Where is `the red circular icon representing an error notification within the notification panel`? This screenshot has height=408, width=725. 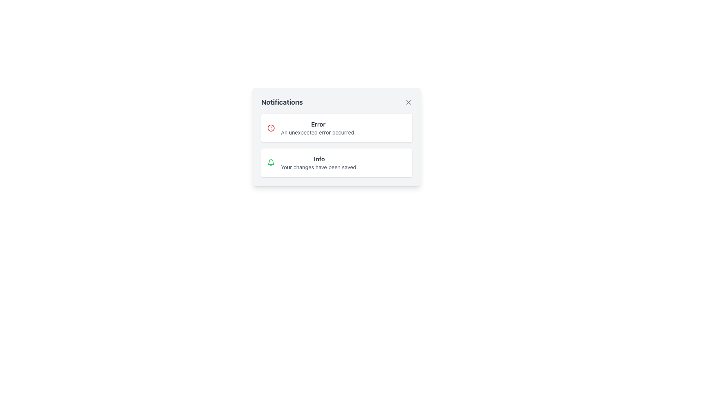
the red circular icon representing an error notification within the notification panel is located at coordinates (271, 128).